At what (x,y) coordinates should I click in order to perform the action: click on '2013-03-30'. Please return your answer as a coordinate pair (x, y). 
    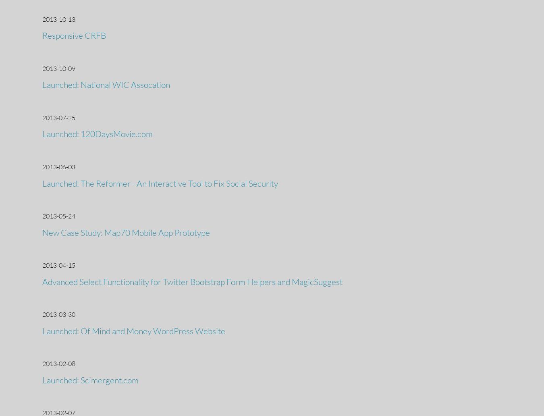
    Looking at the image, I should click on (58, 314).